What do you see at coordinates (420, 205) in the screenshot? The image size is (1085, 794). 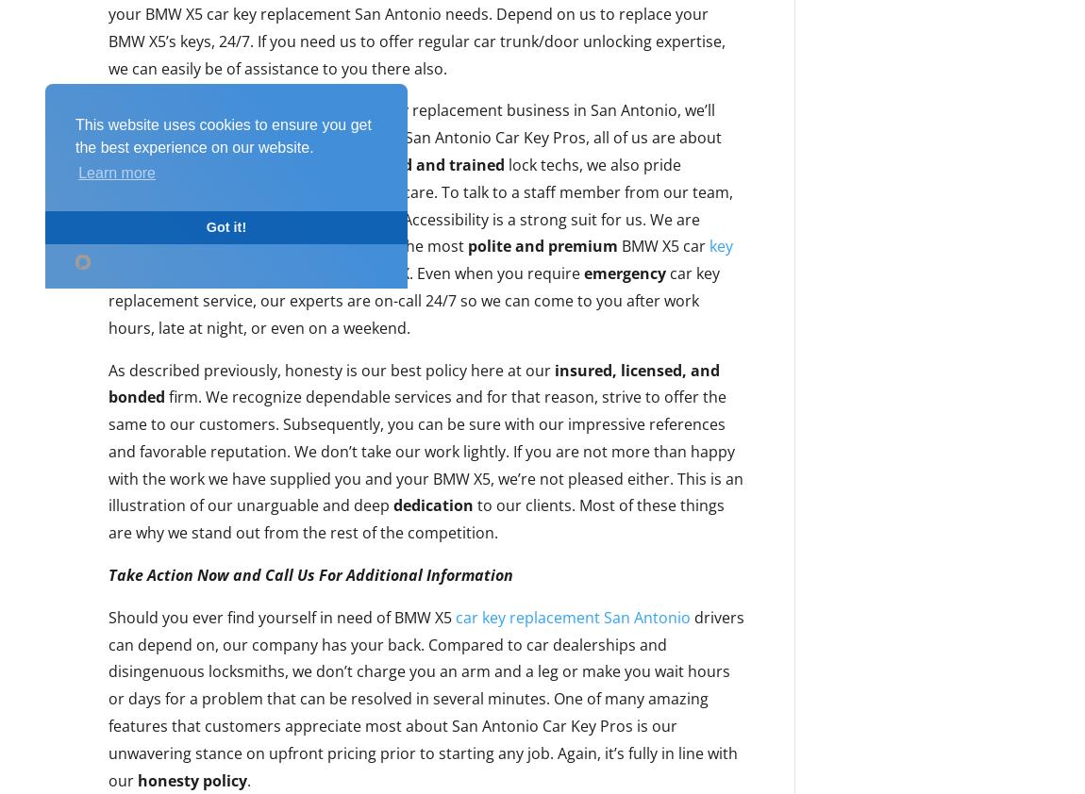 I see `'lock techs, we also pride ourselves on providing superb customer care. To talk to a staff member from our team, assistance is a mere telephone call away. Accessibility is a strong suit for us. We are available 24/7 to provide our clients with the most'` at bounding box center [420, 205].